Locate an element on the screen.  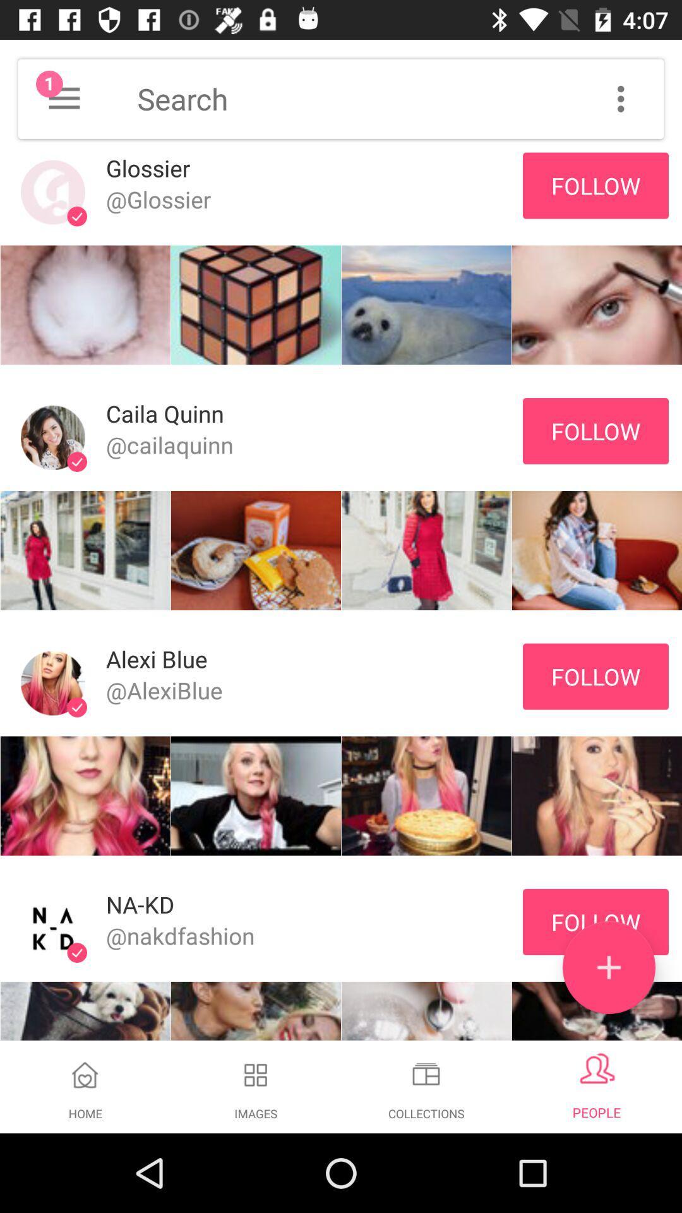
customization options is located at coordinates (620, 98).